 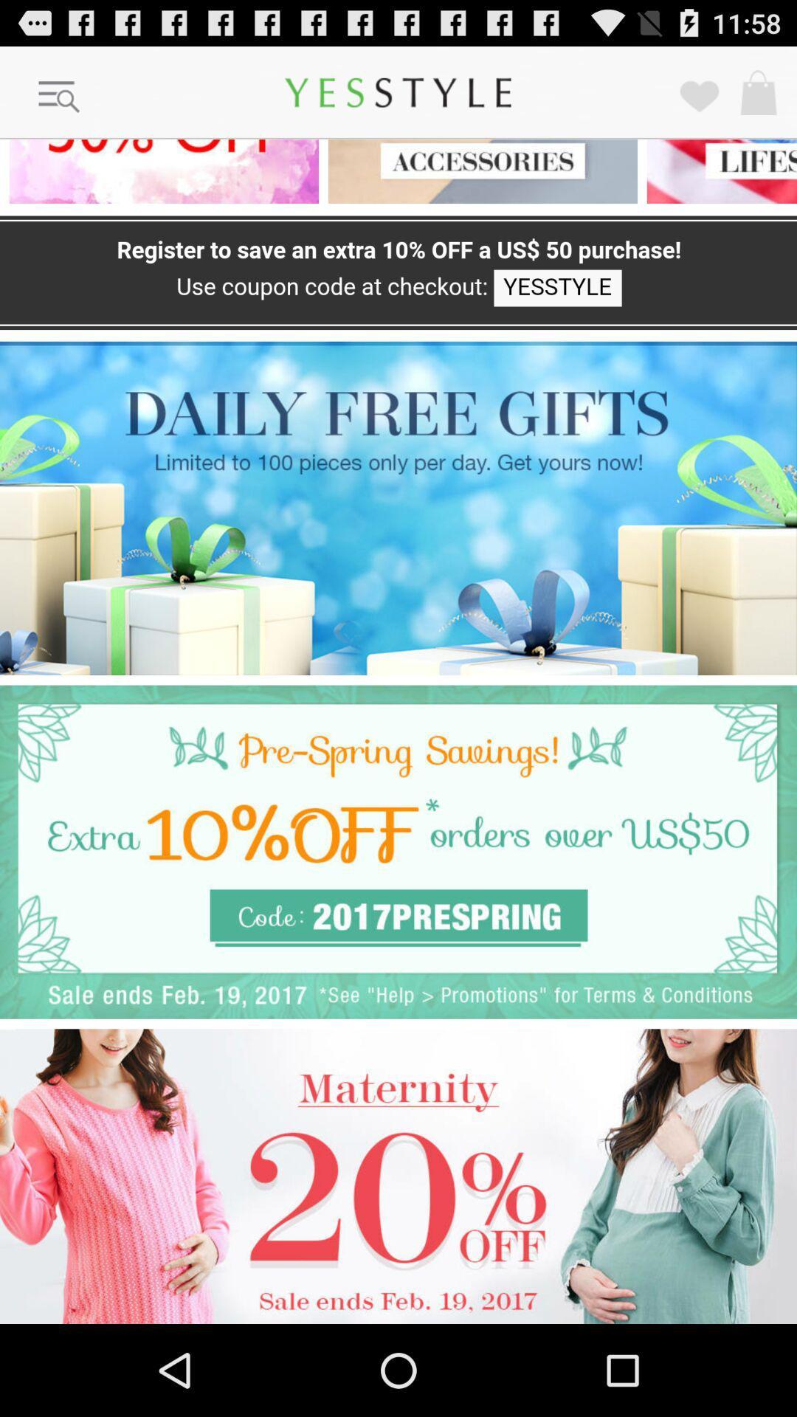 I want to click on banner display, so click(x=398, y=1176).